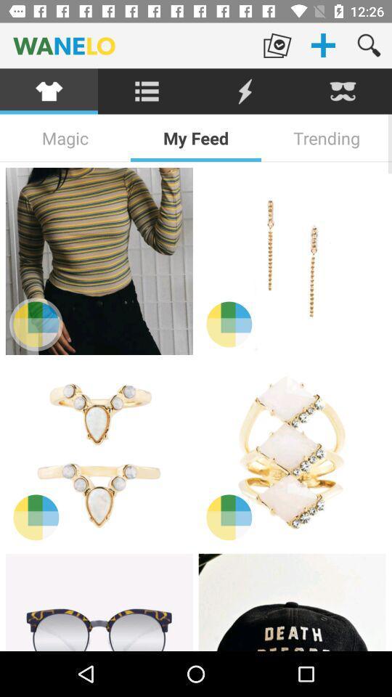 The width and height of the screenshot is (392, 697). Describe the element at coordinates (343, 91) in the screenshot. I see `hide tab` at that location.